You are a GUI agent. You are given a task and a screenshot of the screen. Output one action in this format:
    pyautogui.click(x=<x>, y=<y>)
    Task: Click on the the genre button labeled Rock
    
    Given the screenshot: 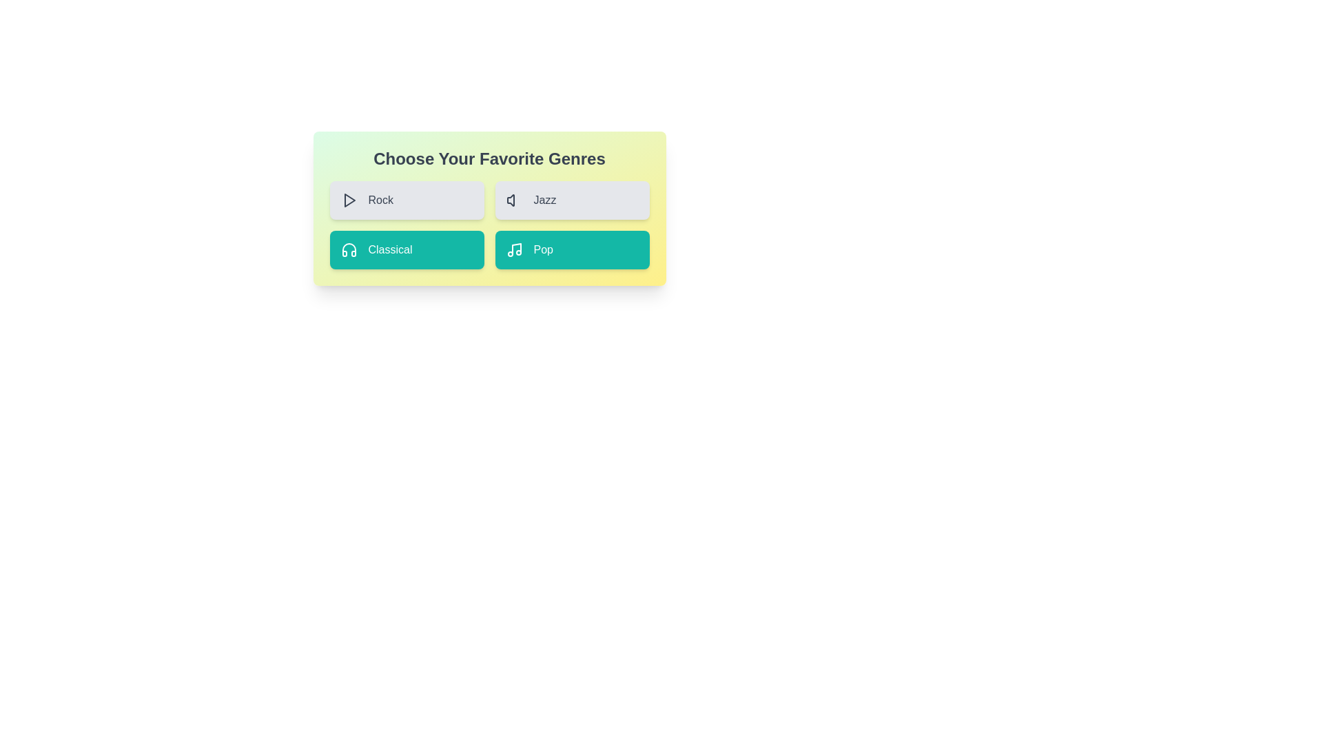 What is the action you would take?
    pyautogui.click(x=406, y=200)
    